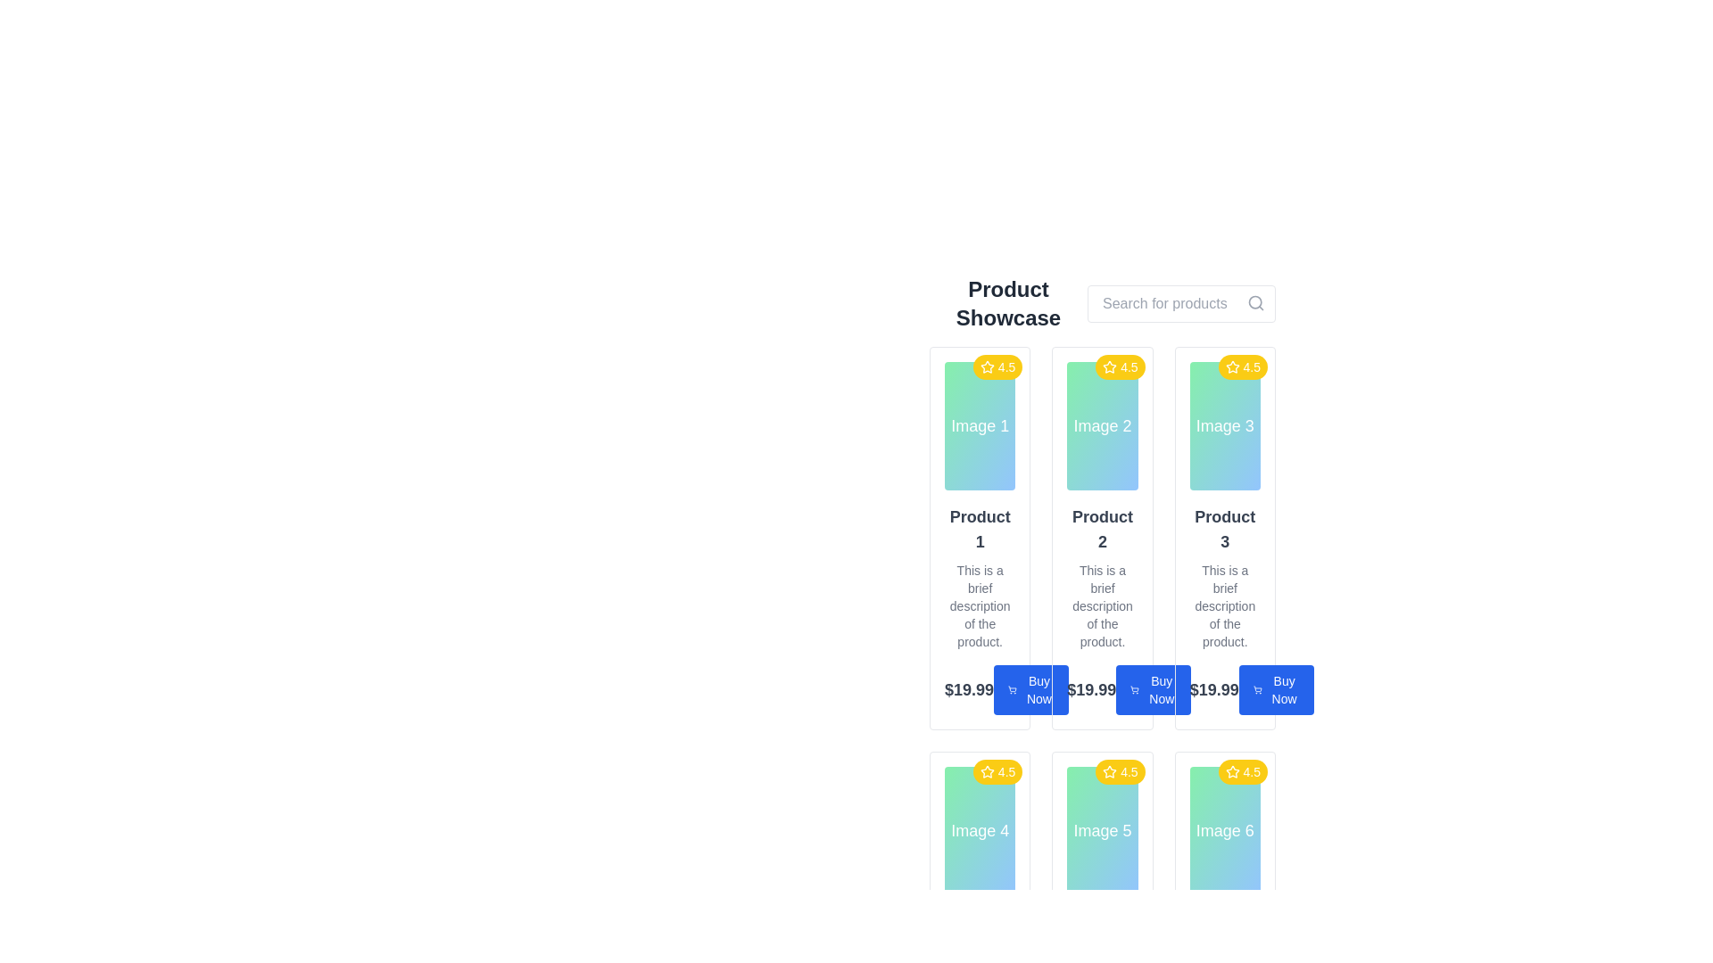 Image resolution: width=1713 pixels, height=963 pixels. What do you see at coordinates (1254, 301) in the screenshot?
I see `the search icon located at the top right of the view, which is positioned inside a horizontal search box next to the input field labeled 'Search for products'` at bounding box center [1254, 301].